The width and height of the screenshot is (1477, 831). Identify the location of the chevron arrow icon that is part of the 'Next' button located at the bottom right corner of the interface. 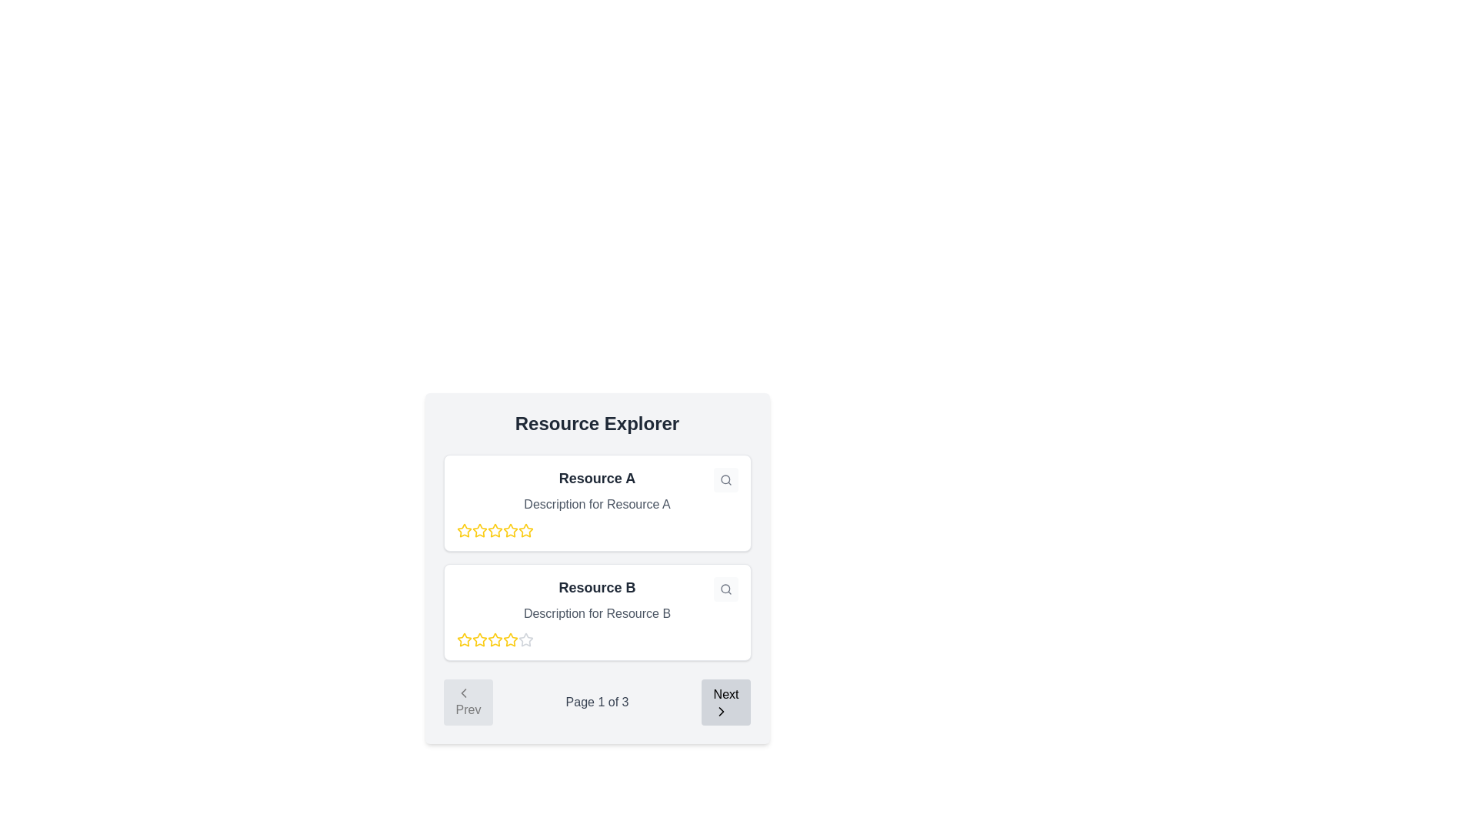
(720, 712).